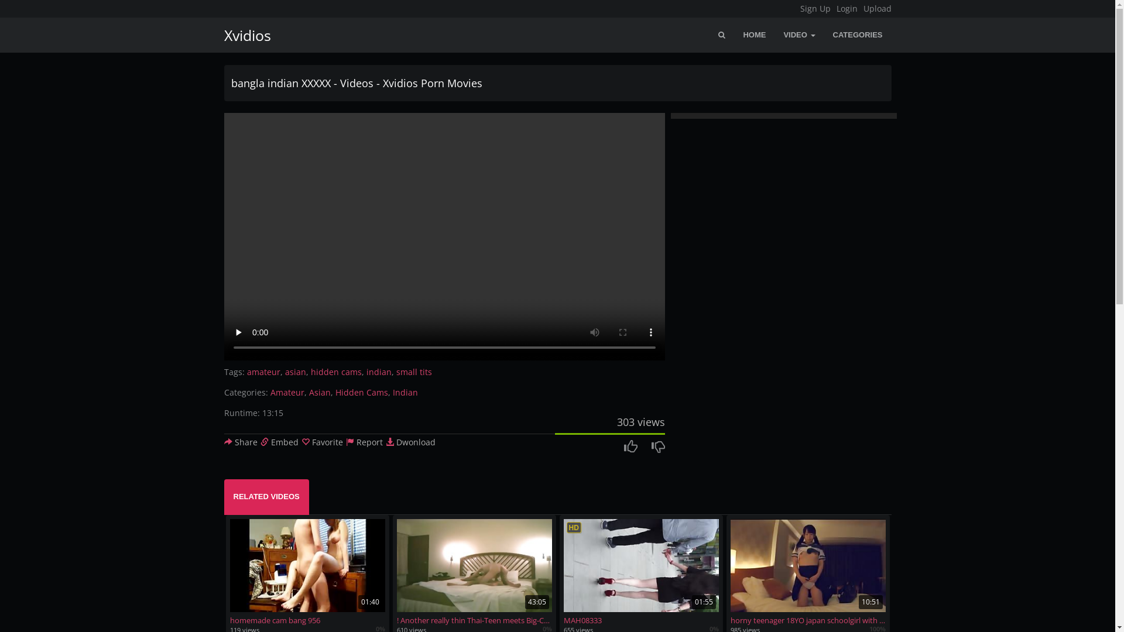 Image resolution: width=1124 pixels, height=632 pixels. What do you see at coordinates (278, 442) in the screenshot?
I see `'Embed'` at bounding box center [278, 442].